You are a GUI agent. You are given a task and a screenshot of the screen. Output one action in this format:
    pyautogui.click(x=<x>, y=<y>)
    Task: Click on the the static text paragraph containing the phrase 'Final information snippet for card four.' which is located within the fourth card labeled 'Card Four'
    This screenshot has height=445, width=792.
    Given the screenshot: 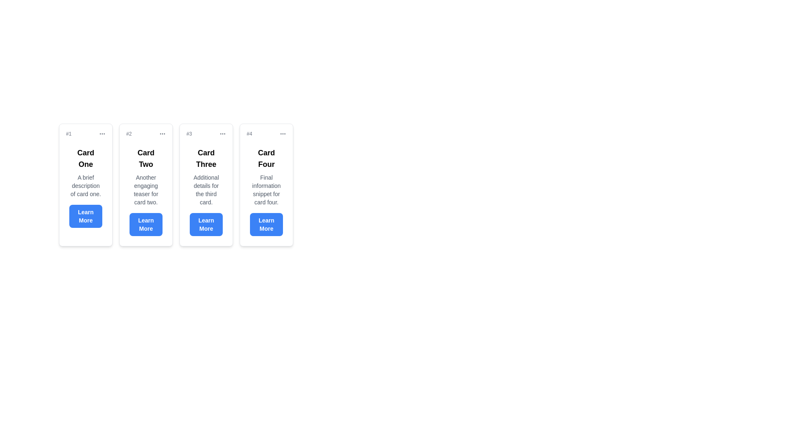 What is the action you would take?
    pyautogui.click(x=266, y=190)
    